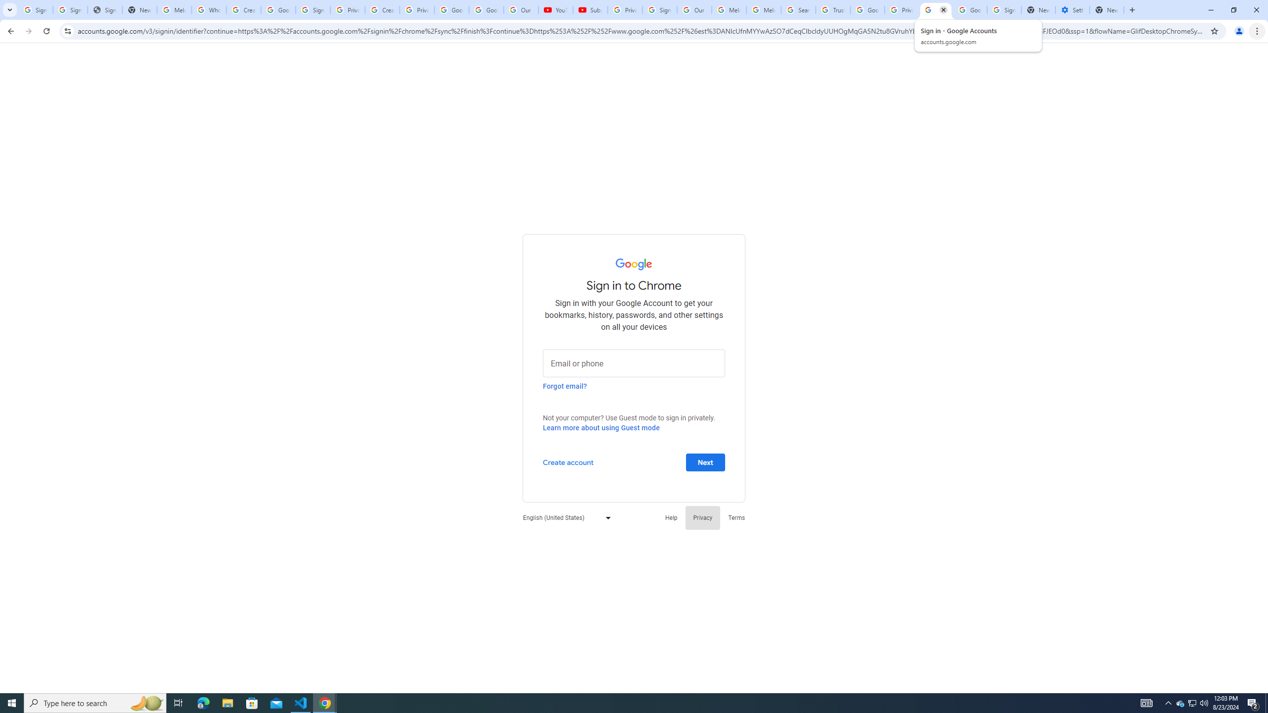 The image size is (1268, 713). I want to click on 'Sign in - Google Accounts', so click(935, 9).